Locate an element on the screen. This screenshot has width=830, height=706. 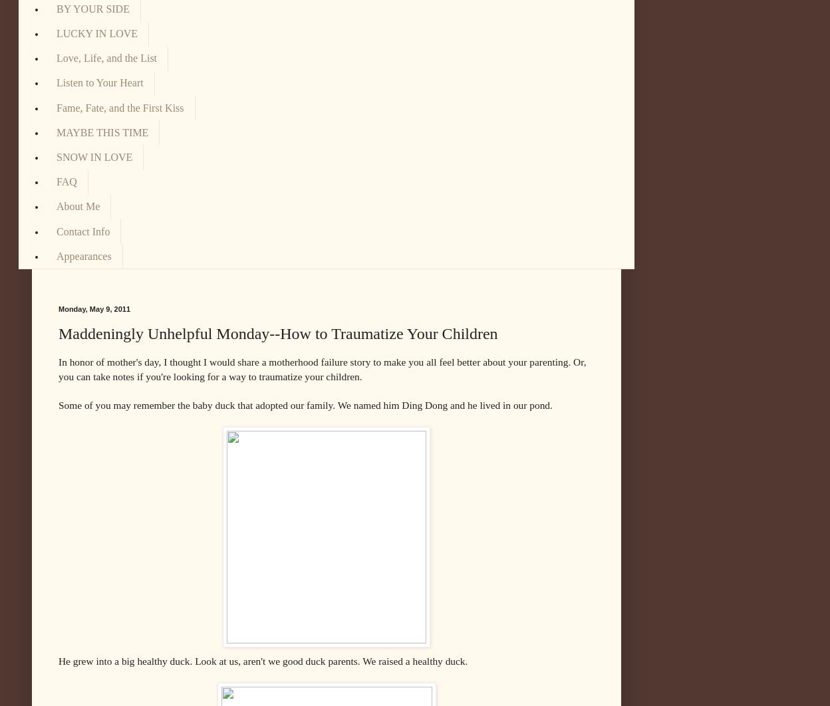
'Monday, May 9, 2011' is located at coordinates (57, 307).